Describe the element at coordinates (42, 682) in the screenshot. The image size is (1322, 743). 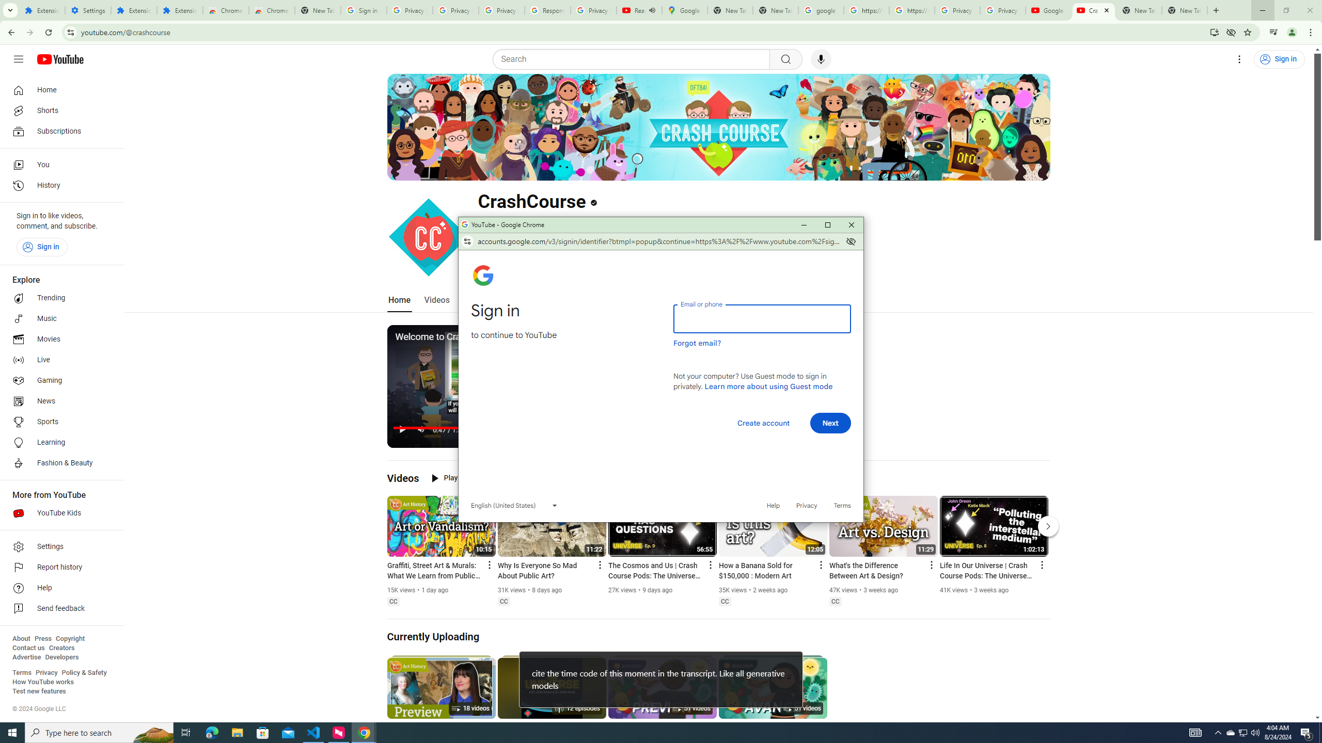
I see `'How YouTube works'` at that location.